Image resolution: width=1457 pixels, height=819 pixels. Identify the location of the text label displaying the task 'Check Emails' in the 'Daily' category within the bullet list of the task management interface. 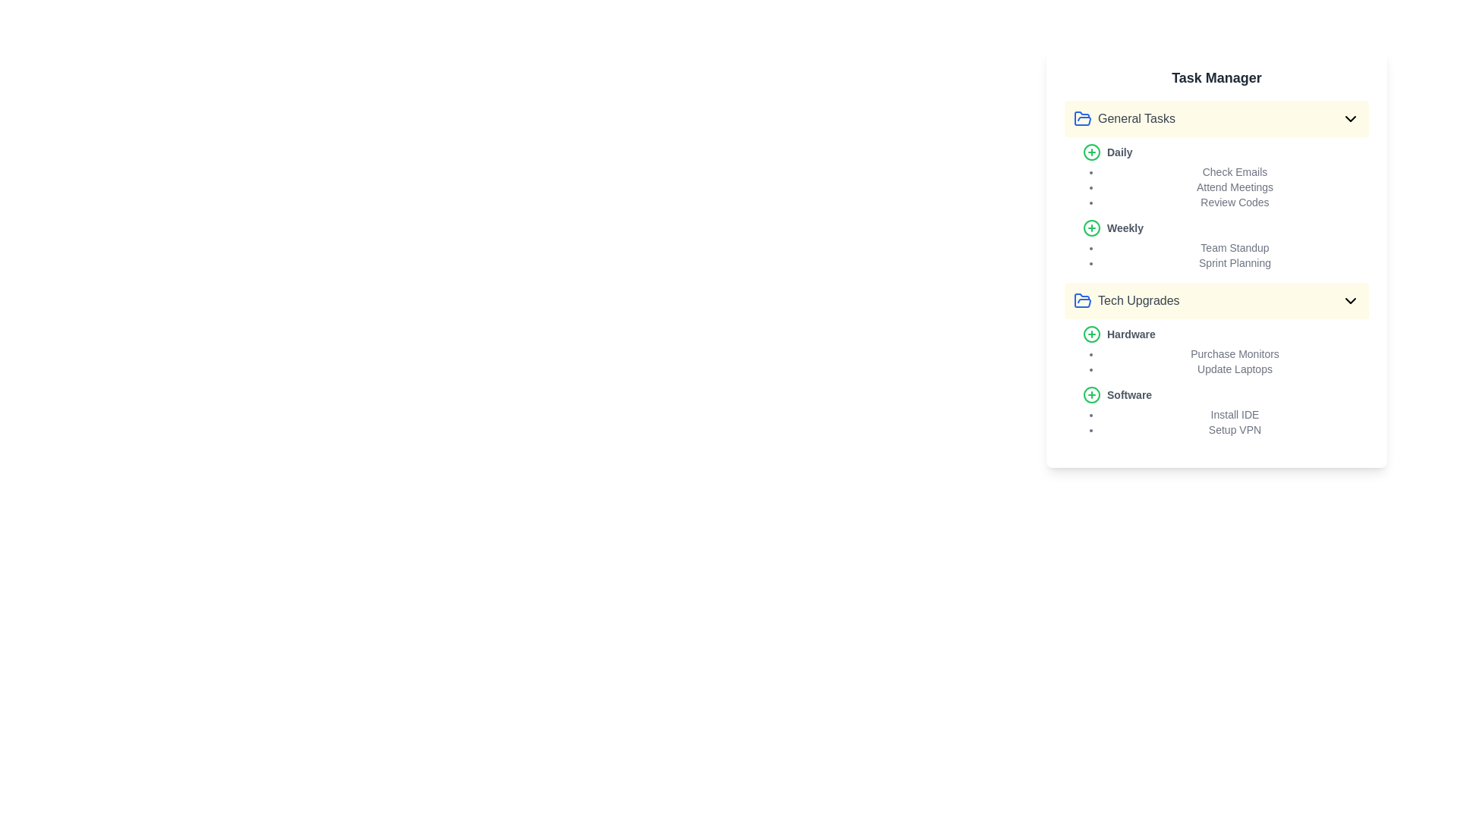
(1235, 171).